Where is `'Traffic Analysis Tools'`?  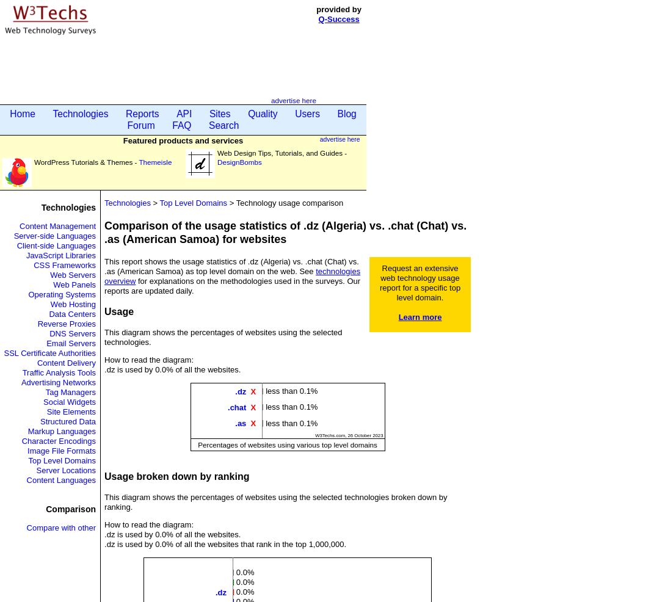 'Traffic Analysis Tools' is located at coordinates (59, 372).